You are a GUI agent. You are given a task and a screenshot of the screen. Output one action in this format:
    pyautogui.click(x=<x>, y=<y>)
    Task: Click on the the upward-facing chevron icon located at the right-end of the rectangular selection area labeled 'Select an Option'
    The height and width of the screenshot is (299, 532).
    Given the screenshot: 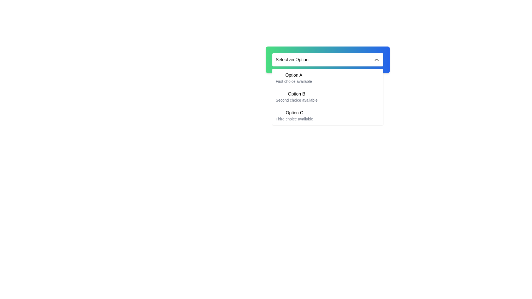 What is the action you would take?
    pyautogui.click(x=376, y=60)
    